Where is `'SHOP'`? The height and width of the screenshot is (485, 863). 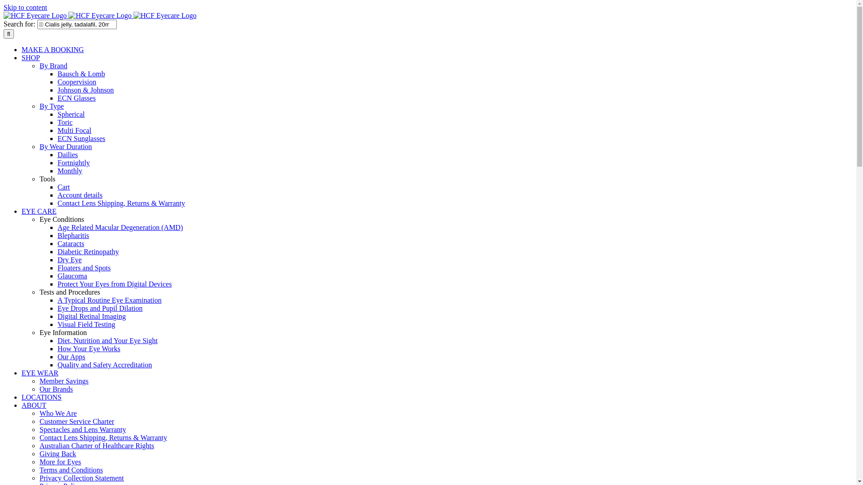 'SHOP' is located at coordinates (31, 57).